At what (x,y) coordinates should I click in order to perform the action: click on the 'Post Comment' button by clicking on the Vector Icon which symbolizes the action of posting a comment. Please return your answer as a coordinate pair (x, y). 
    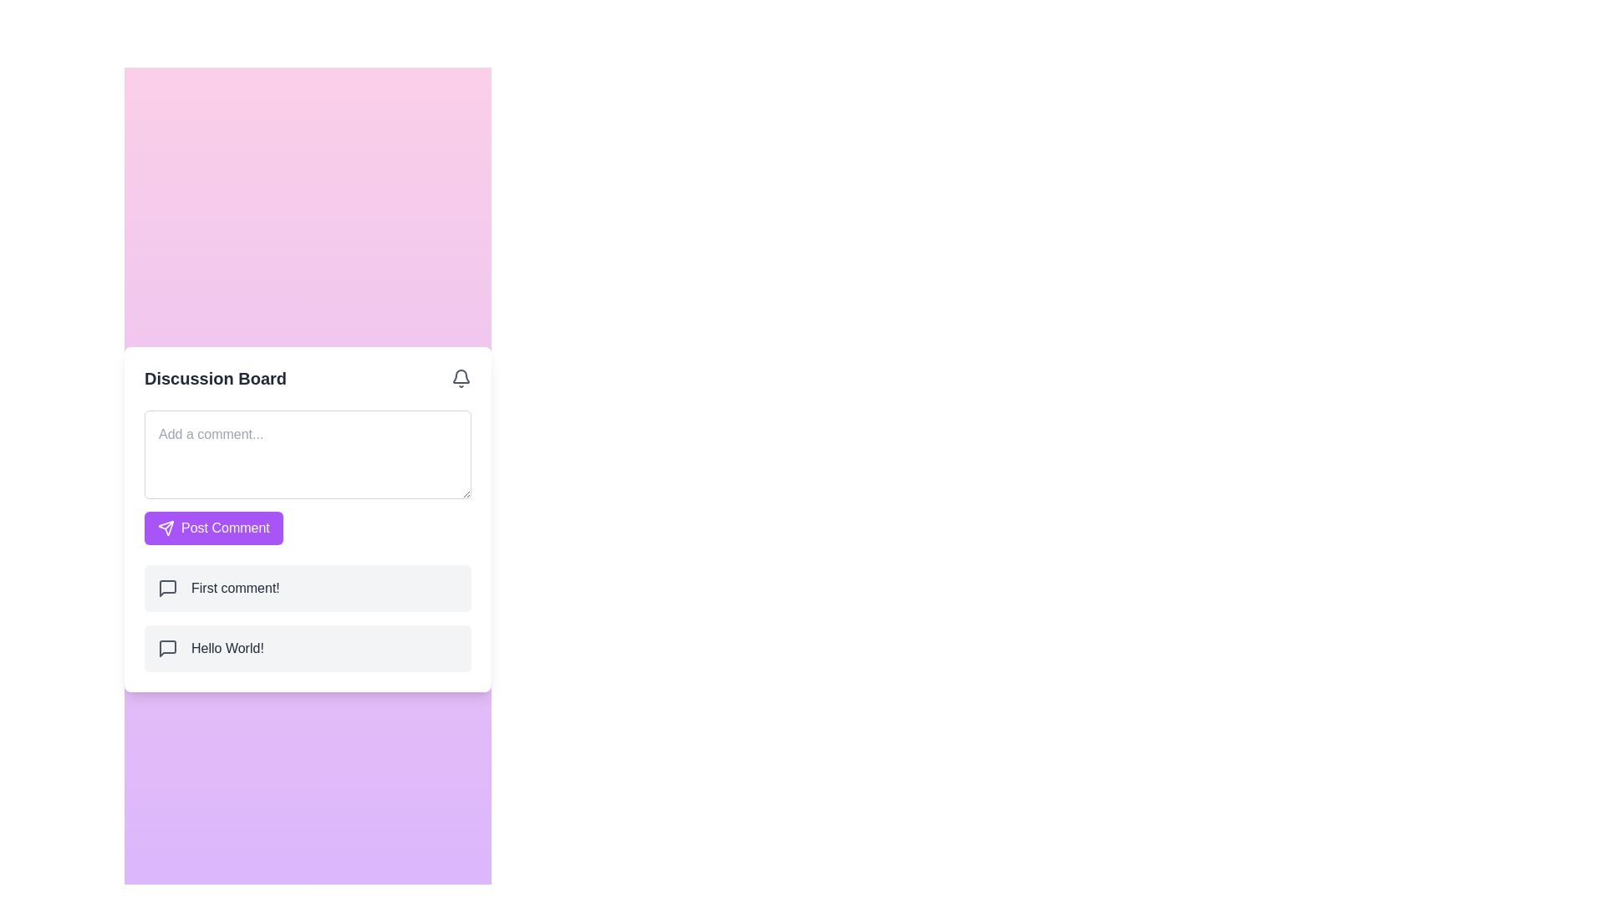
    Looking at the image, I should click on (166, 528).